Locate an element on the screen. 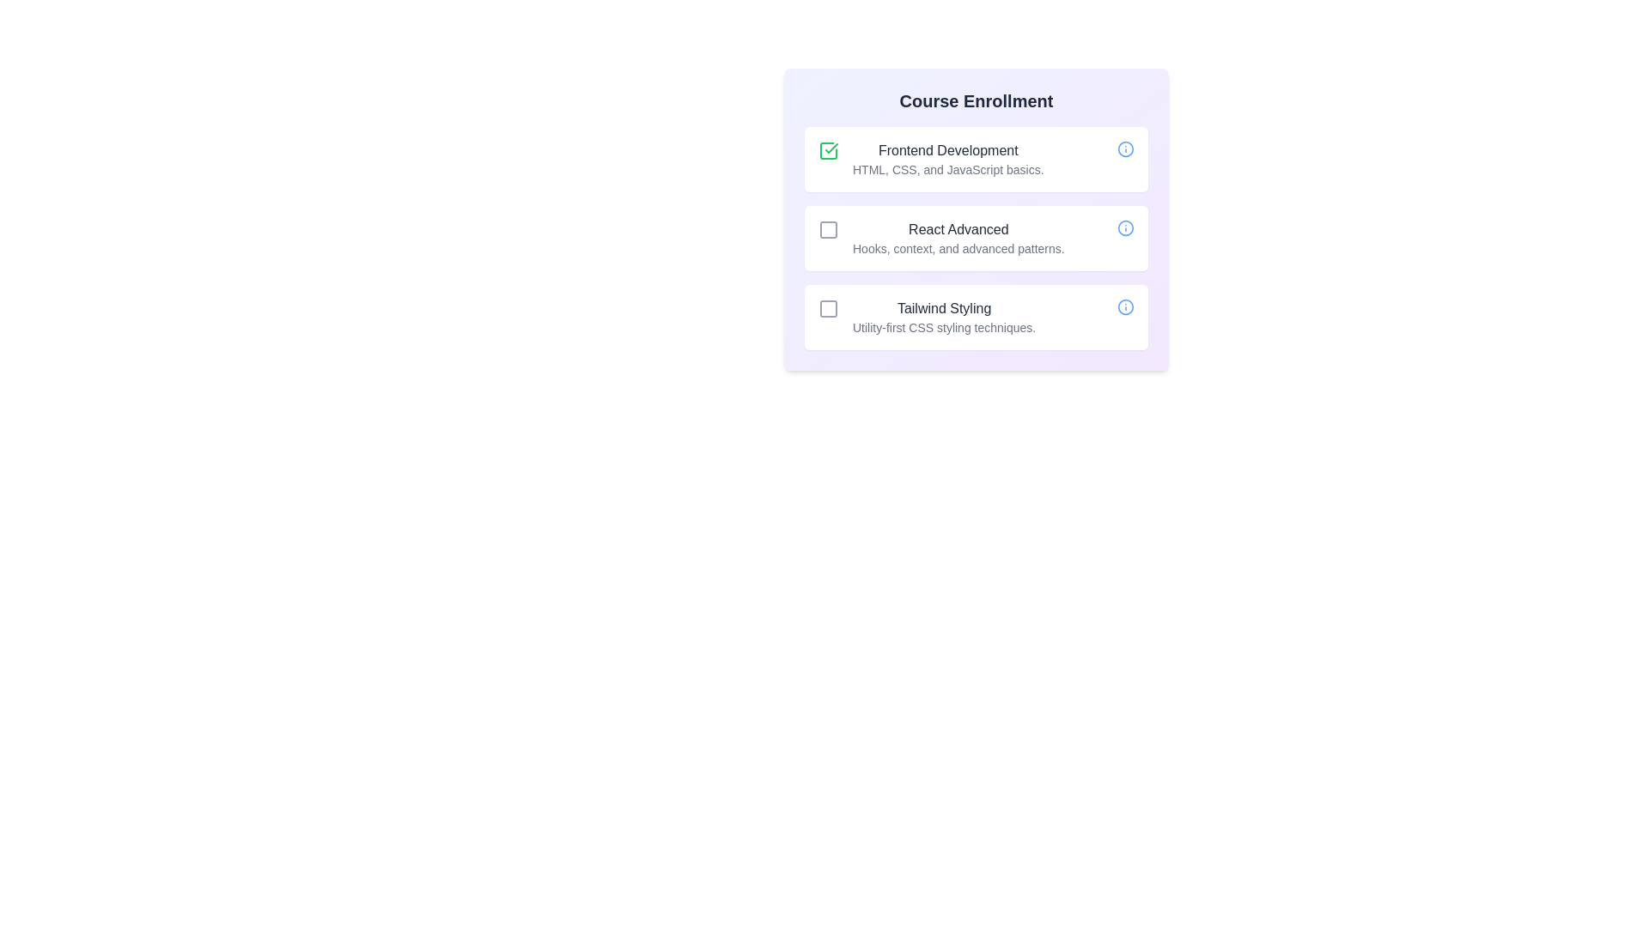 This screenshot has width=1649, height=927. title text of the third course option, which is positioned above the description line and to the right of a checkbox is located at coordinates (943, 307).